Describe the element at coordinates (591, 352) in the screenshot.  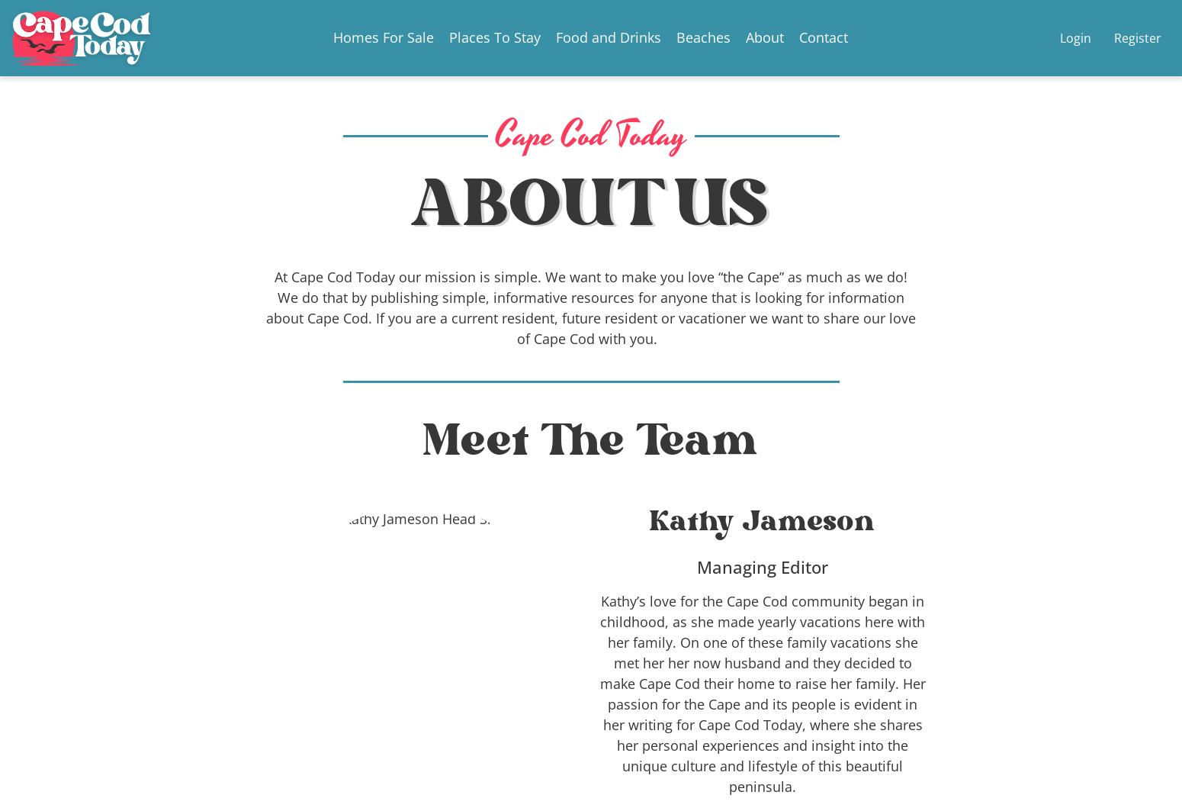
I see `'15 Best Restaurants in Harwich Massachusetts'` at that location.